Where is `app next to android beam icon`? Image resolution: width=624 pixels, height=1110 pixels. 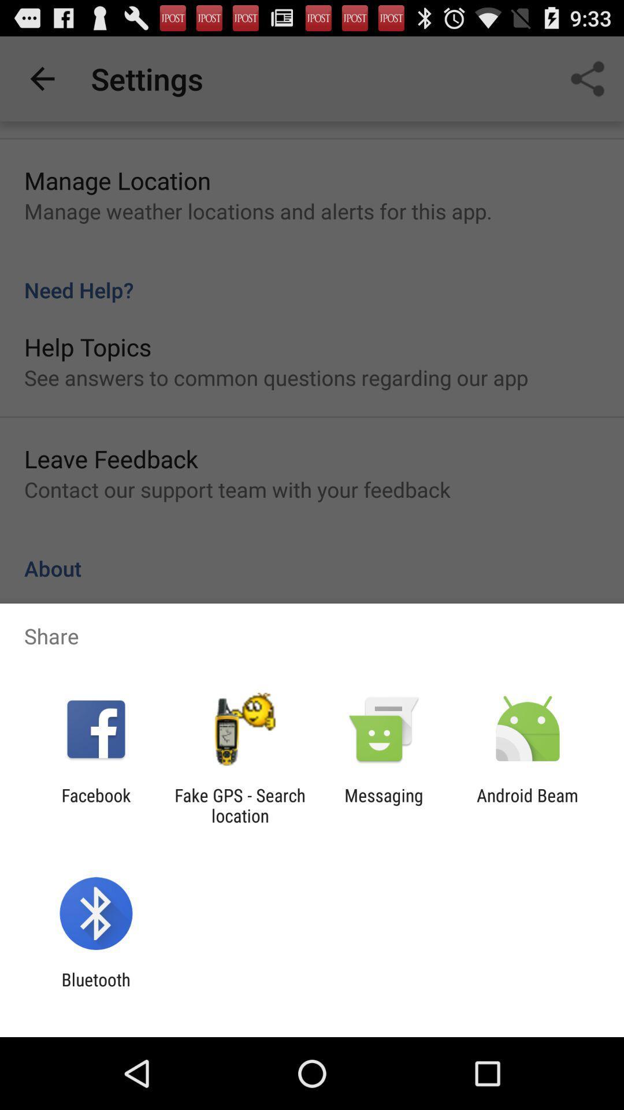
app next to android beam icon is located at coordinates (384, 805).